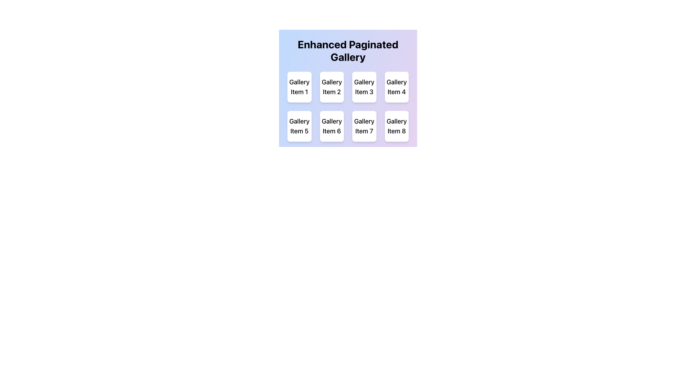 The width and height of the screenshot is (673, 378). What do you see at coordinates (396, 87) in the screenshot?
I see `the text element displaying 'Gallery Item 4', which is located in the top-right corner of the gallery interface` at bounding box center [396, 87].